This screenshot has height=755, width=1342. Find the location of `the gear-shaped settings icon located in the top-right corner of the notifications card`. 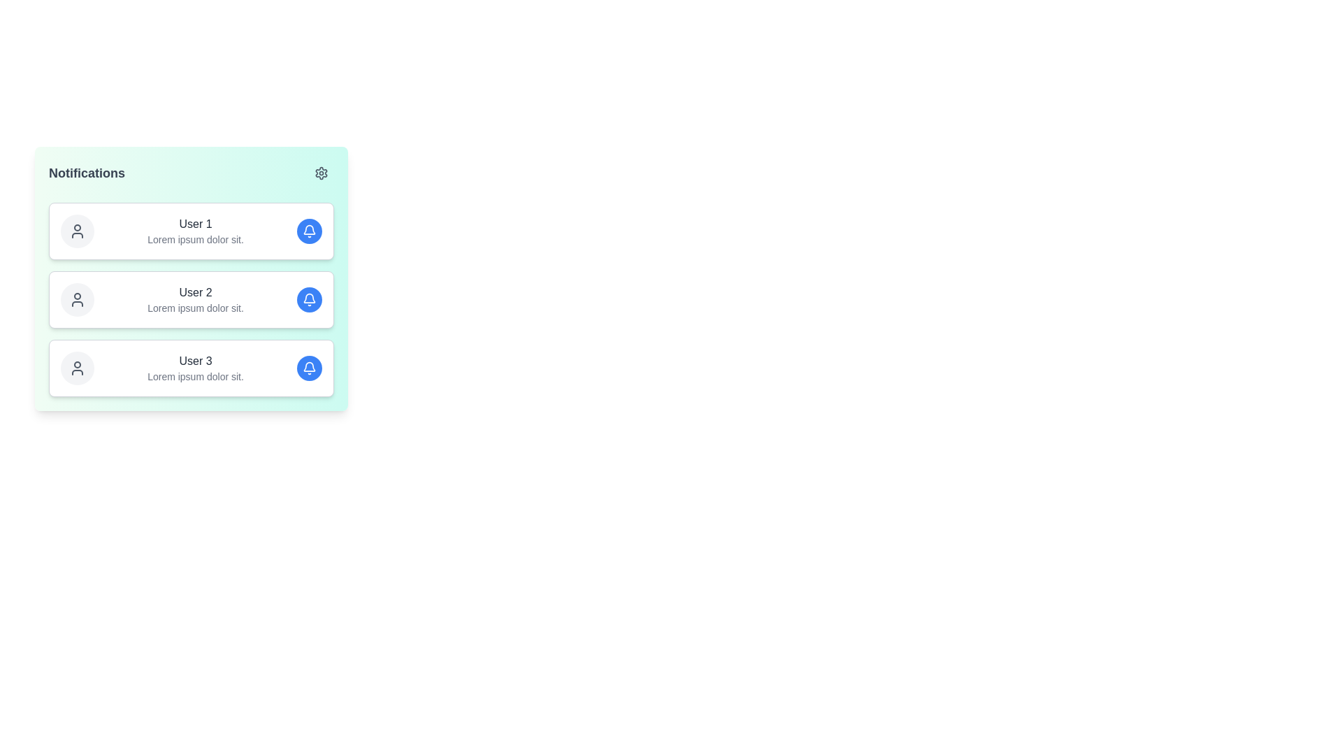

the gear-shaped settings icon located in the top-right corner of the notifications card is located at coordinates (321, 172).